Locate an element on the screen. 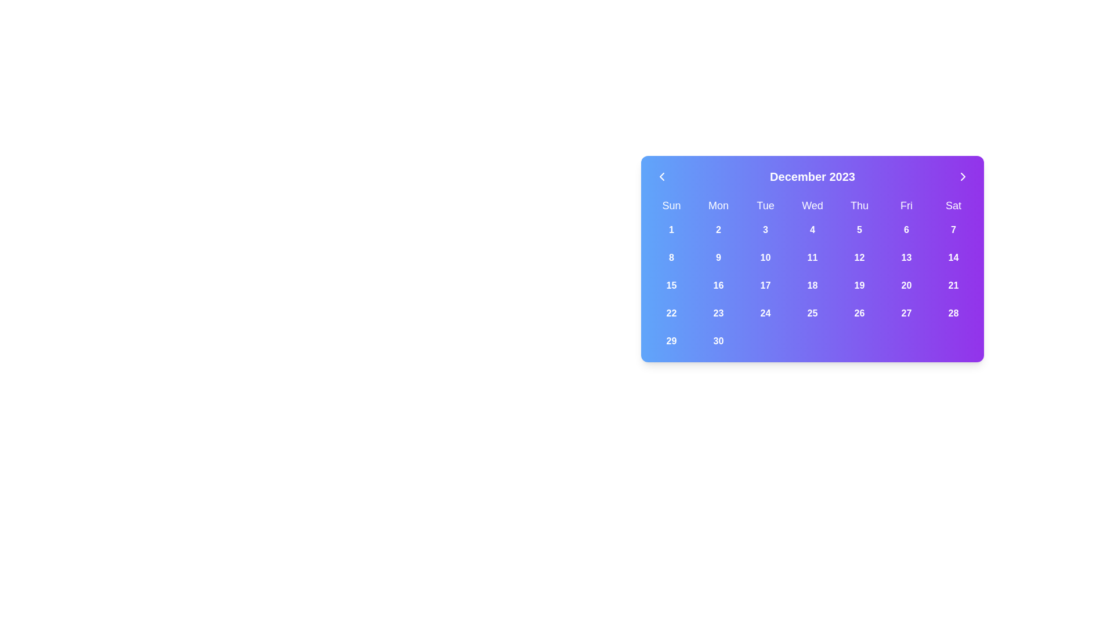 The height and width of the screenshot is (626, 1114). the button displaying the number '11' with a purple background located in the middle of the fourth row of the calendar grid is located at coordinates (812, 257).